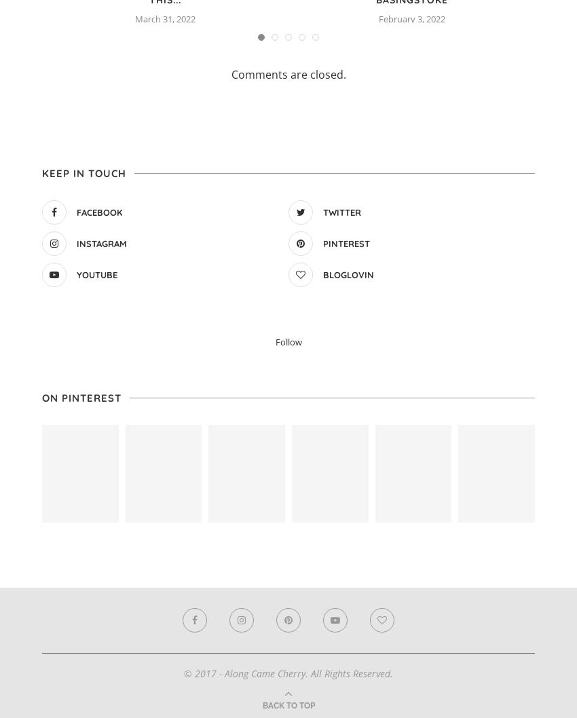  I want to click on 'Back To Top', so click(288, 704).